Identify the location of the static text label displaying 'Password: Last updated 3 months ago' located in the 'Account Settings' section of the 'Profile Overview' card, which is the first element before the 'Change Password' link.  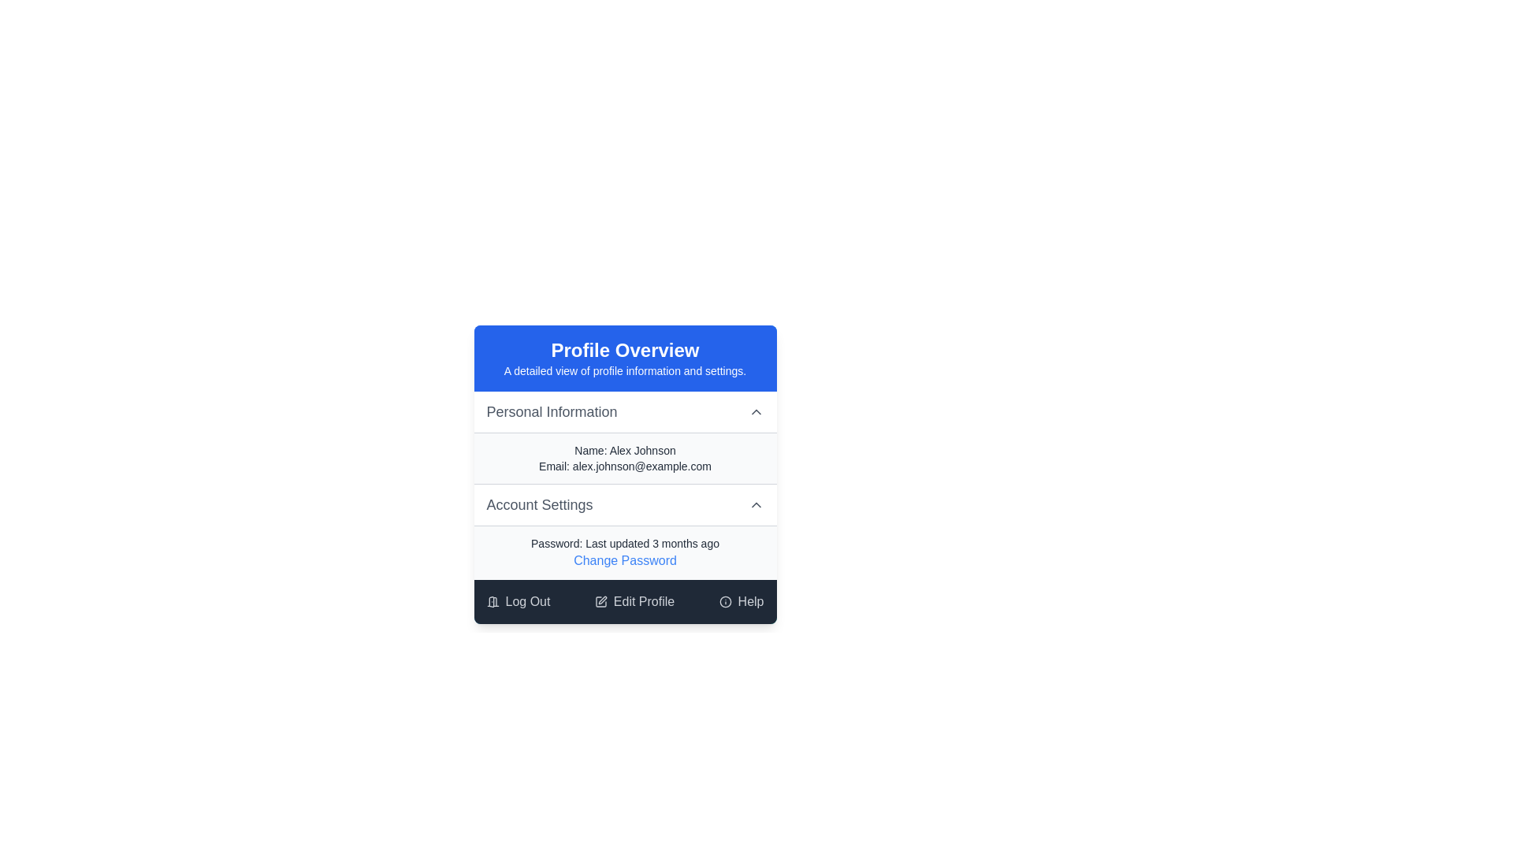
(624, 543).